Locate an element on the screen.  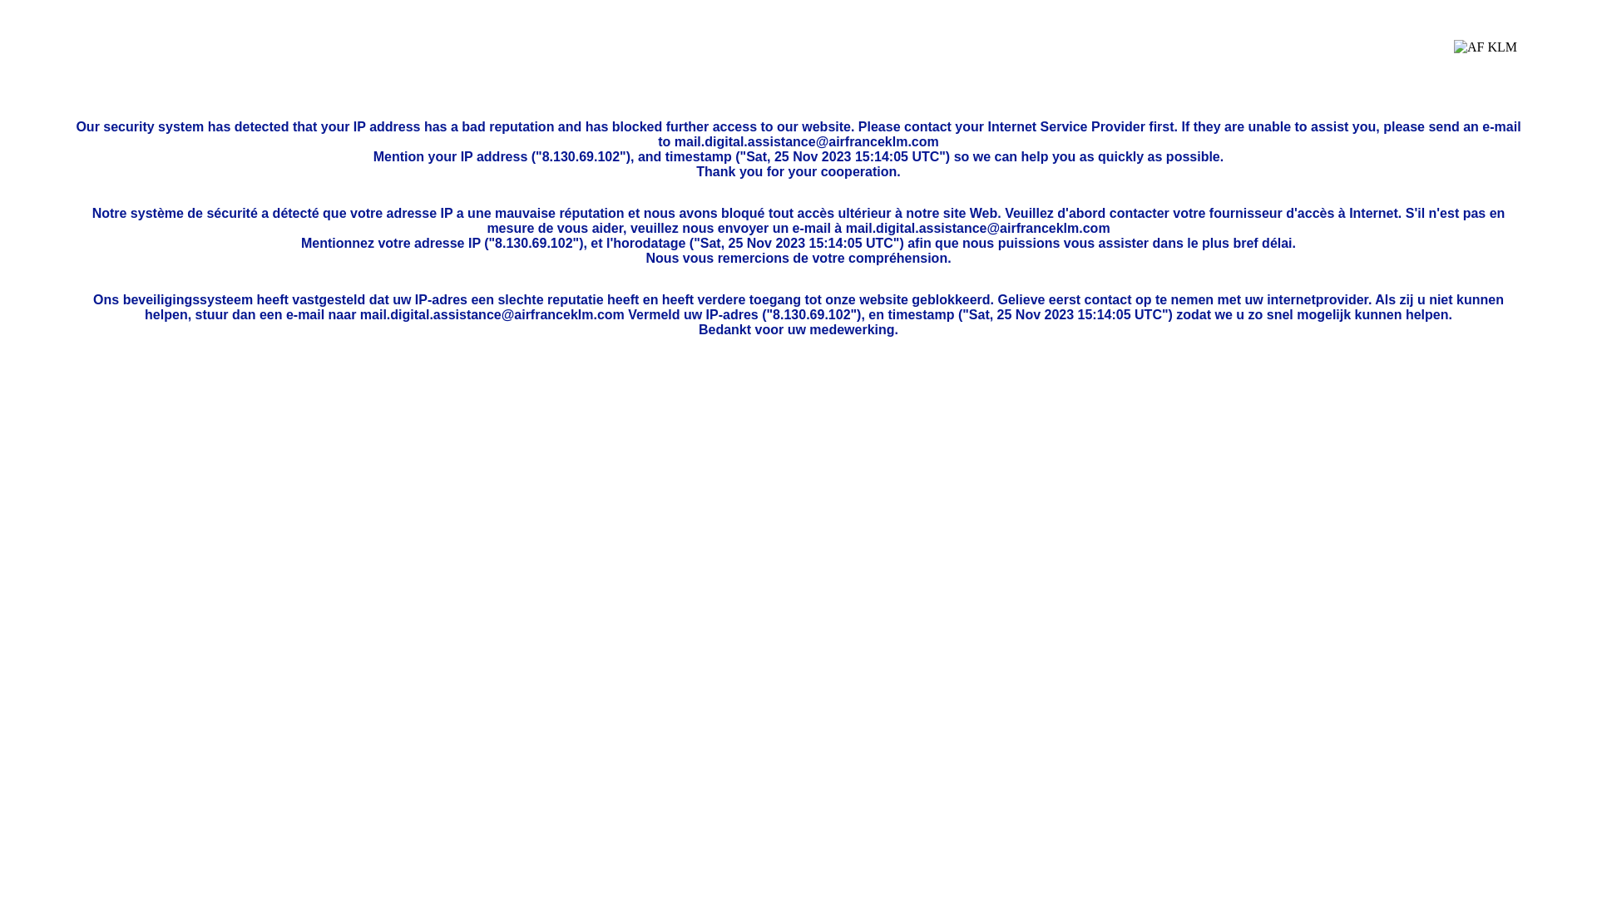
'AF KLM' is located at coordinates (1485, 59).